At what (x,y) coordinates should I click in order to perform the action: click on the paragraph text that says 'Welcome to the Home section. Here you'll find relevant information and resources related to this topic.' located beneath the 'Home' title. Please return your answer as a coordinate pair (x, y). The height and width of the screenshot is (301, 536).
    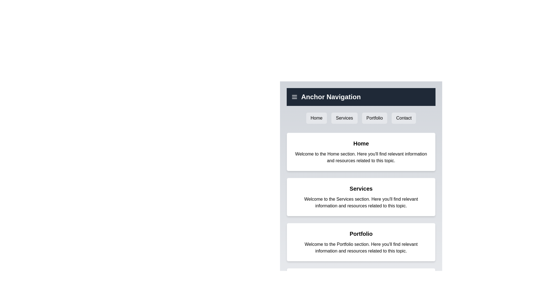
    Looking at the image, I should click on (361, 157).